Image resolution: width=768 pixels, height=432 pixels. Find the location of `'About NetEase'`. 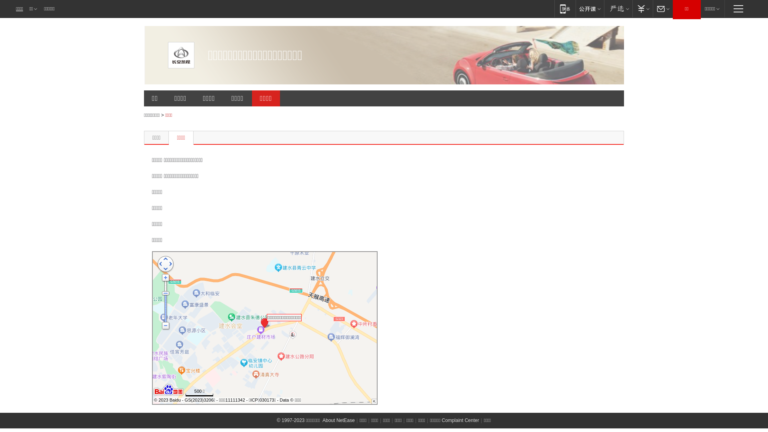

'About NetEase' is located at coordinates (338, 420).